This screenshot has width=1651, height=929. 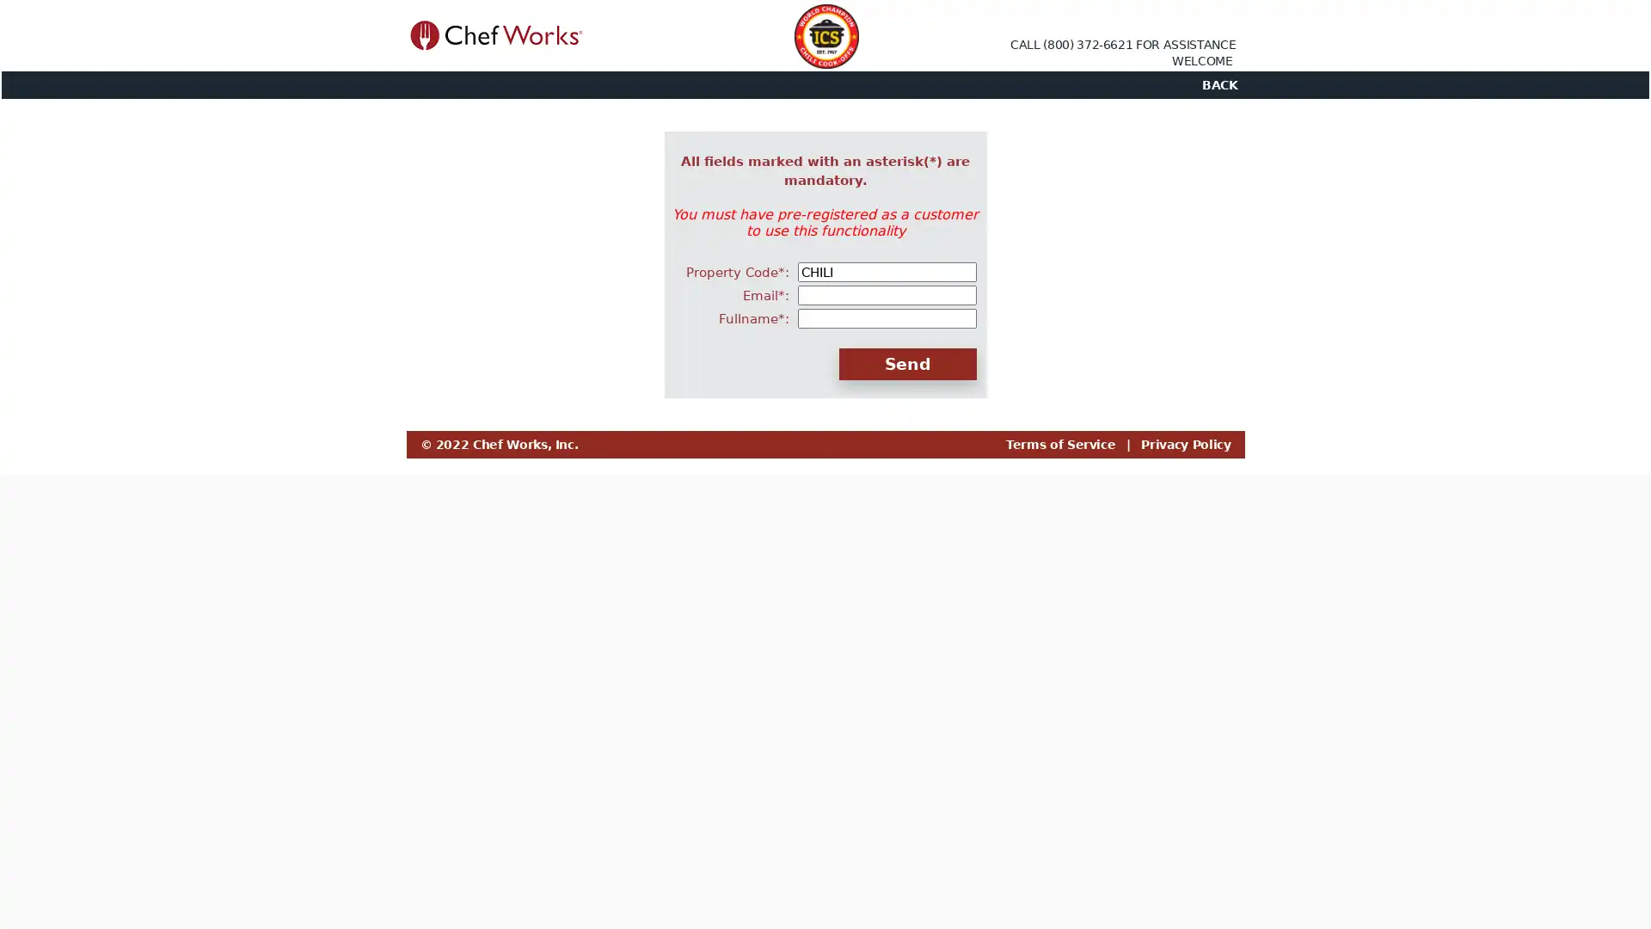 What do you see at coordinates (906, 363) in the screenshot?
I see `Send` at bounding box center [906, 363].